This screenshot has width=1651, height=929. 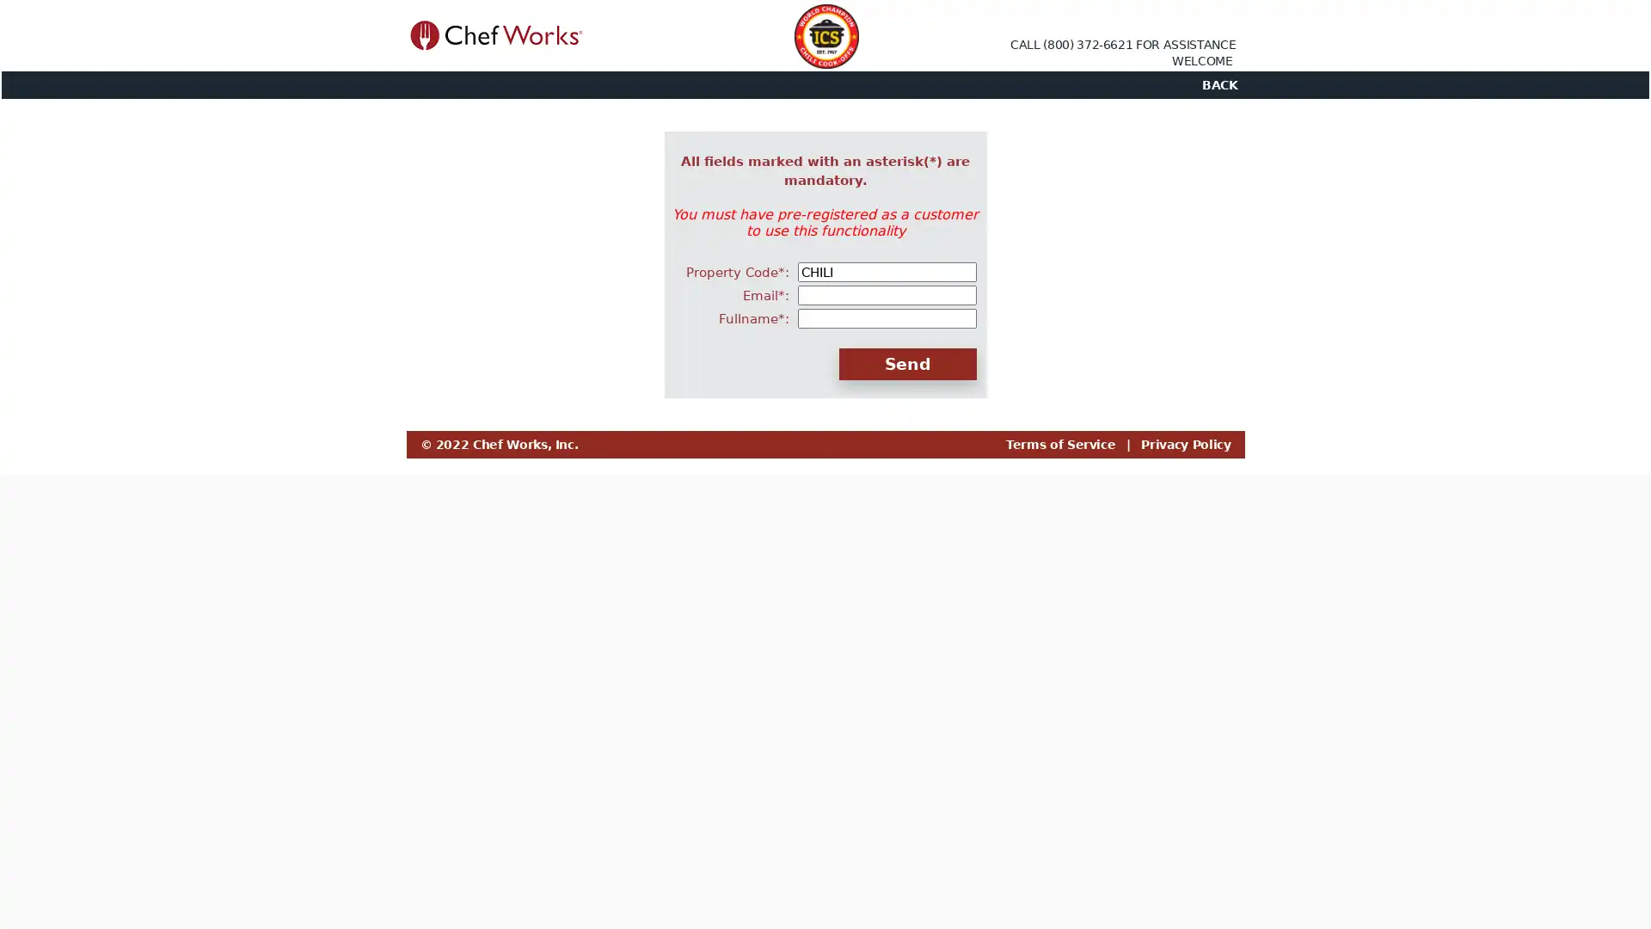 What do you see at coordinates (906, 363) in the screenshot?
I see `Send` at bounding box center [906, 363].